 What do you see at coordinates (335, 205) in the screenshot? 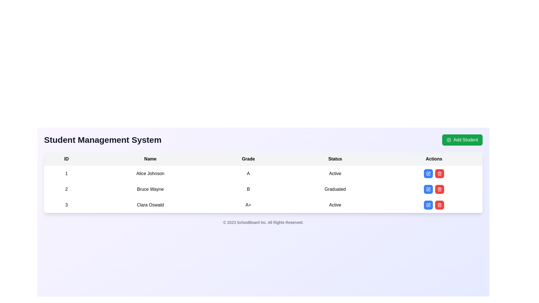
I see `the 'Status' text element indicating 'Active' for a student in the Student Management System table located in the fourth column of the third row` at bounding box center [335, 205].